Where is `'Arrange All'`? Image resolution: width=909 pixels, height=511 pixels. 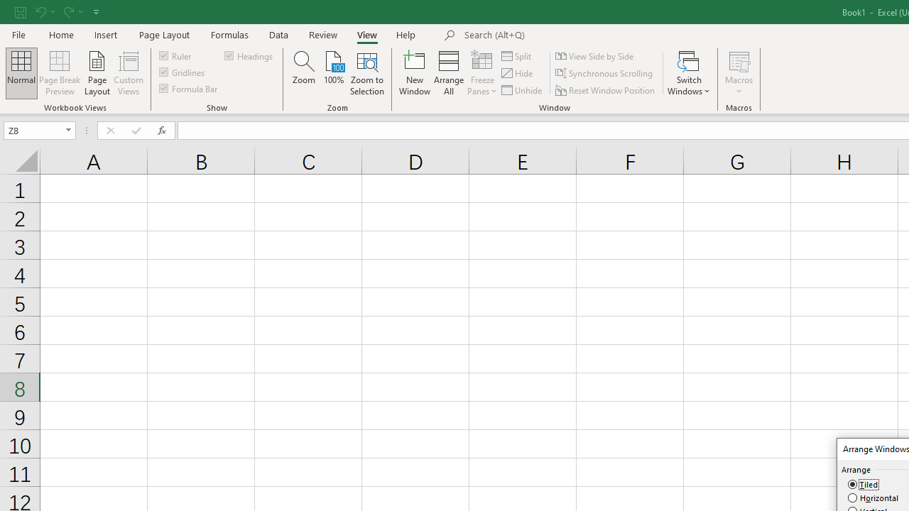 'Arrange All' is located at coordinates (448, 73).